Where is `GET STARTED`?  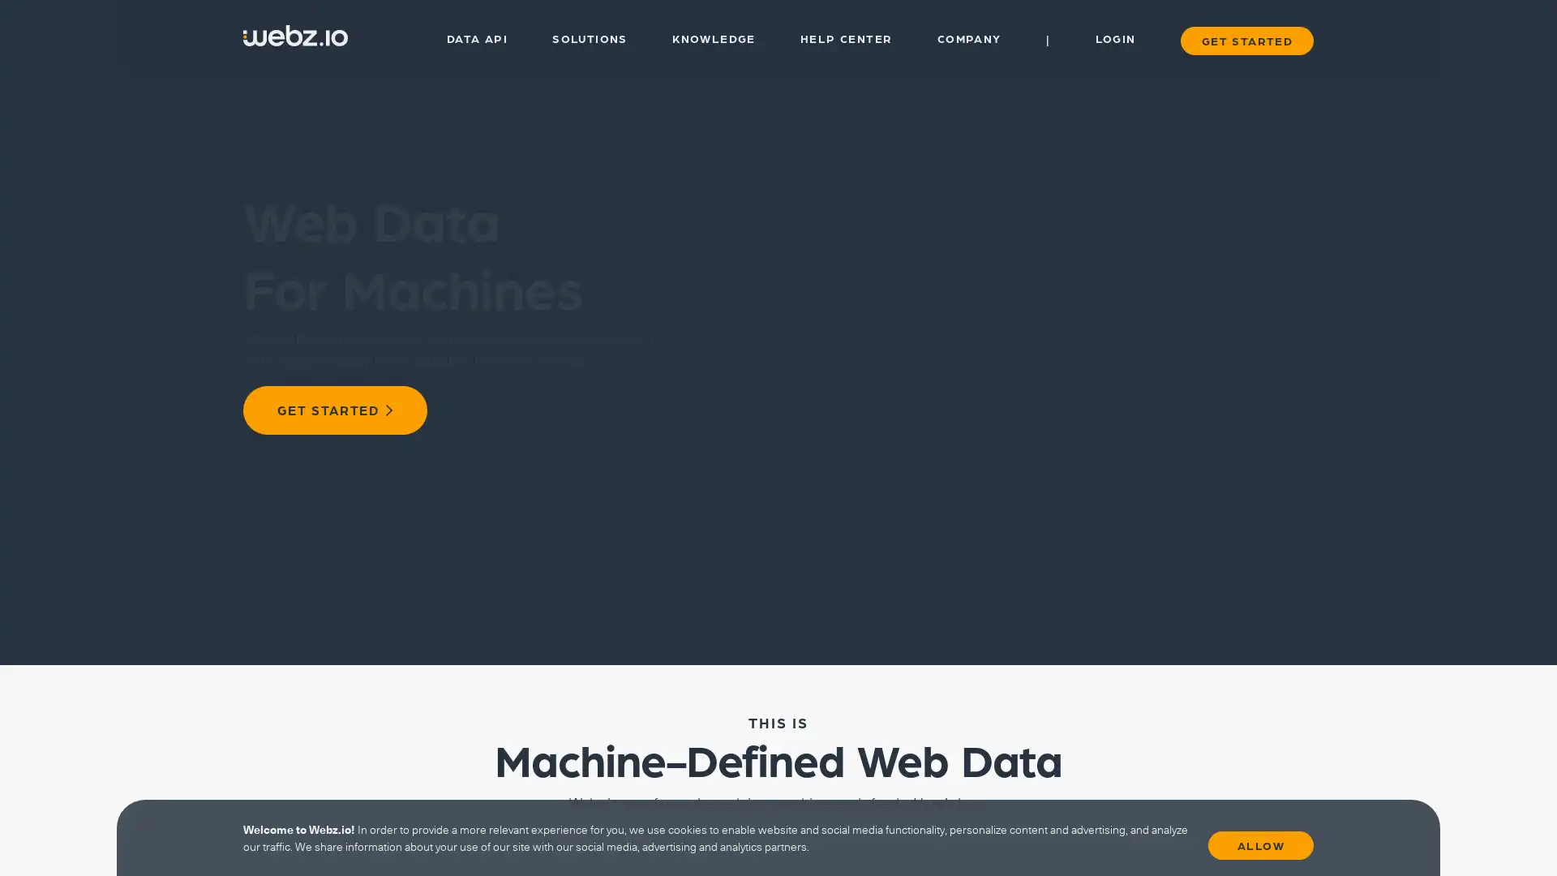 GET STARTED is located at coordinates (334, 409).